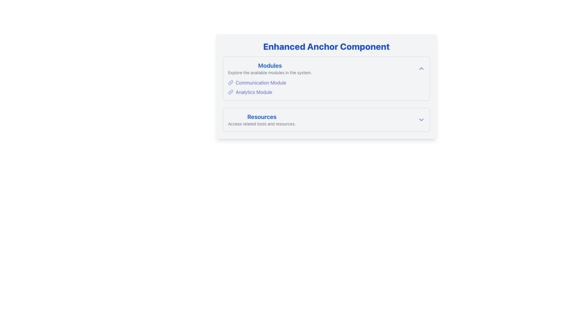  What do you see at coordinates (230, 92) in the screenshot?
I see `the icon resembling two interlocking links, which symbolizes a hyperlink, located to the left of the 'Analytics Module' text` at bounding box center [230, 92].